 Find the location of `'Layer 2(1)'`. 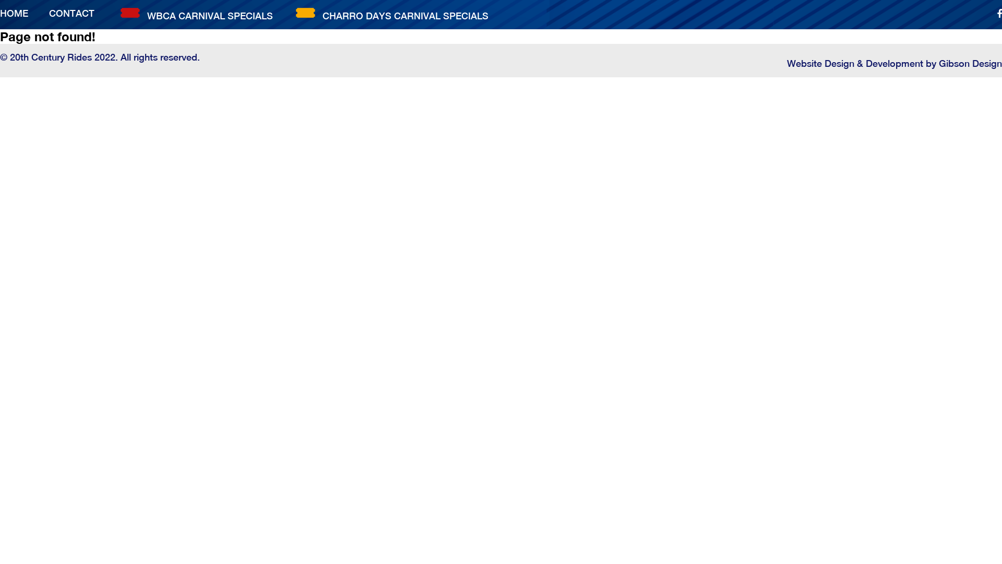

'Layer 2(1)' is located at coordinates (129, 13).